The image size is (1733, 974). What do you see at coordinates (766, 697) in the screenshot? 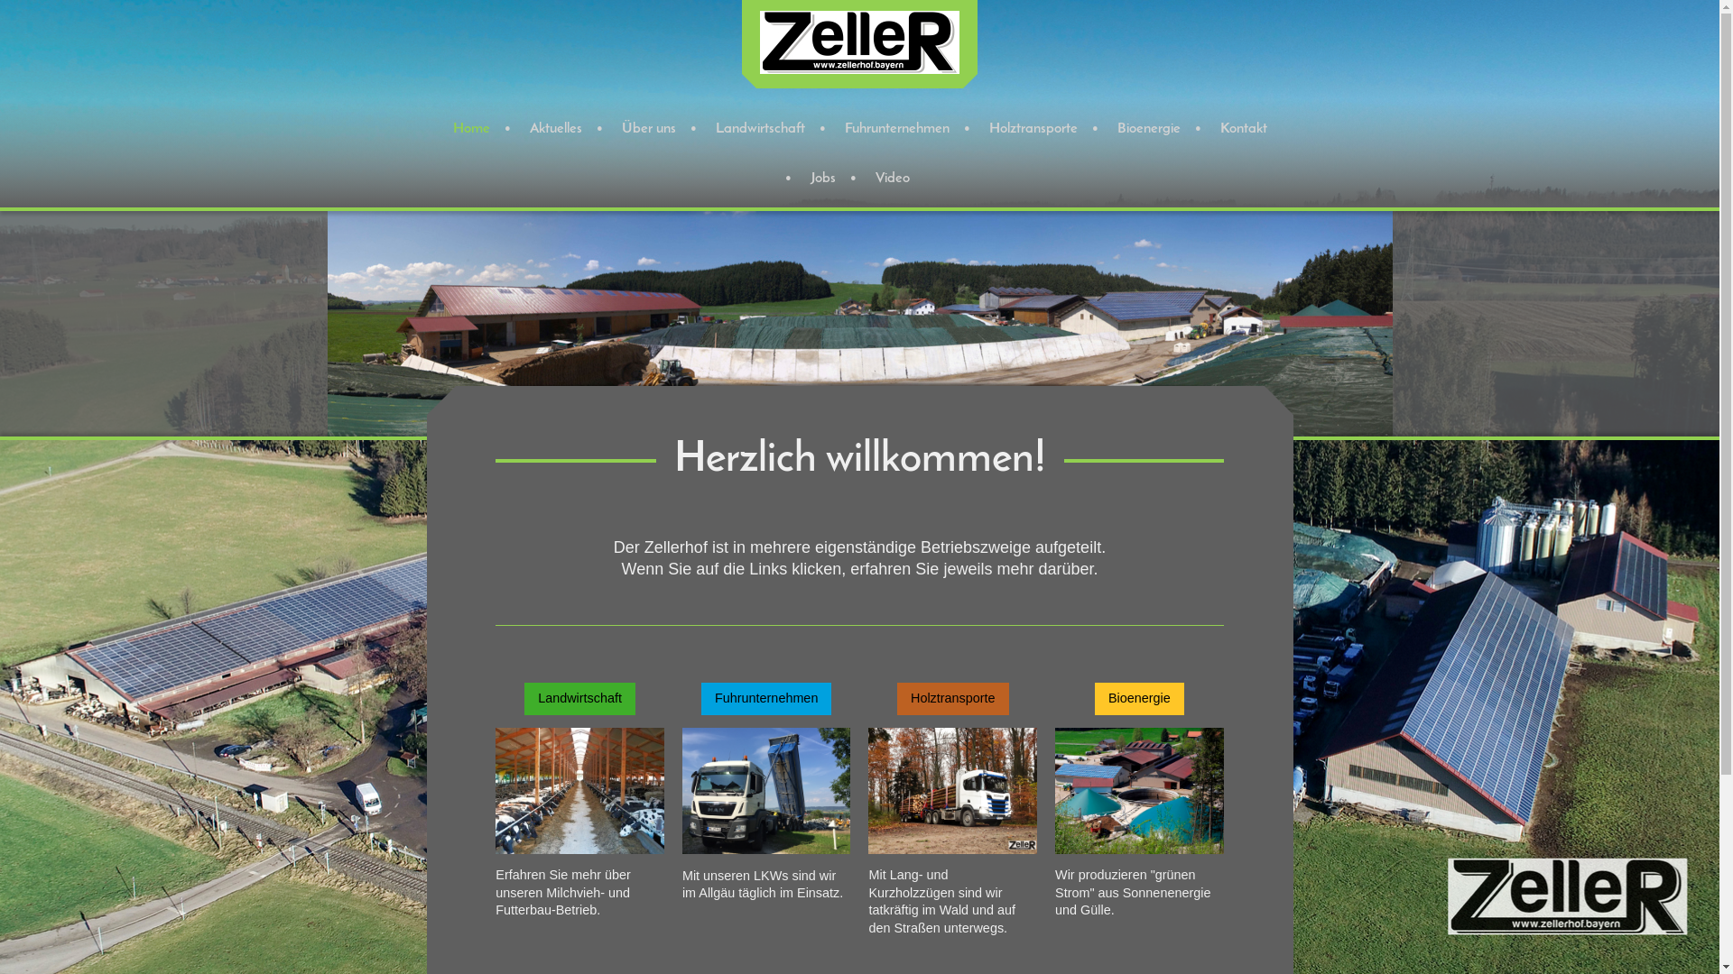
I see `'Fuhrunternehmen'` at bounding box center [766, 697].